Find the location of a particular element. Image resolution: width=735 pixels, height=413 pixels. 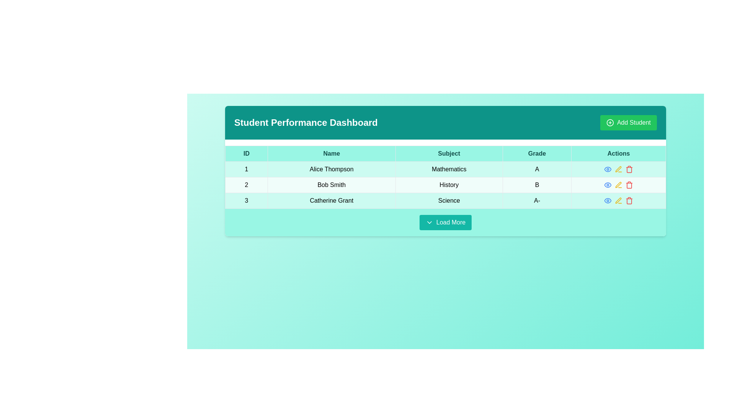

trash bin icon element representing the delete action for 'Bob Smith' in the second row of the data table using developer tools is located at coordinates (629, 185).